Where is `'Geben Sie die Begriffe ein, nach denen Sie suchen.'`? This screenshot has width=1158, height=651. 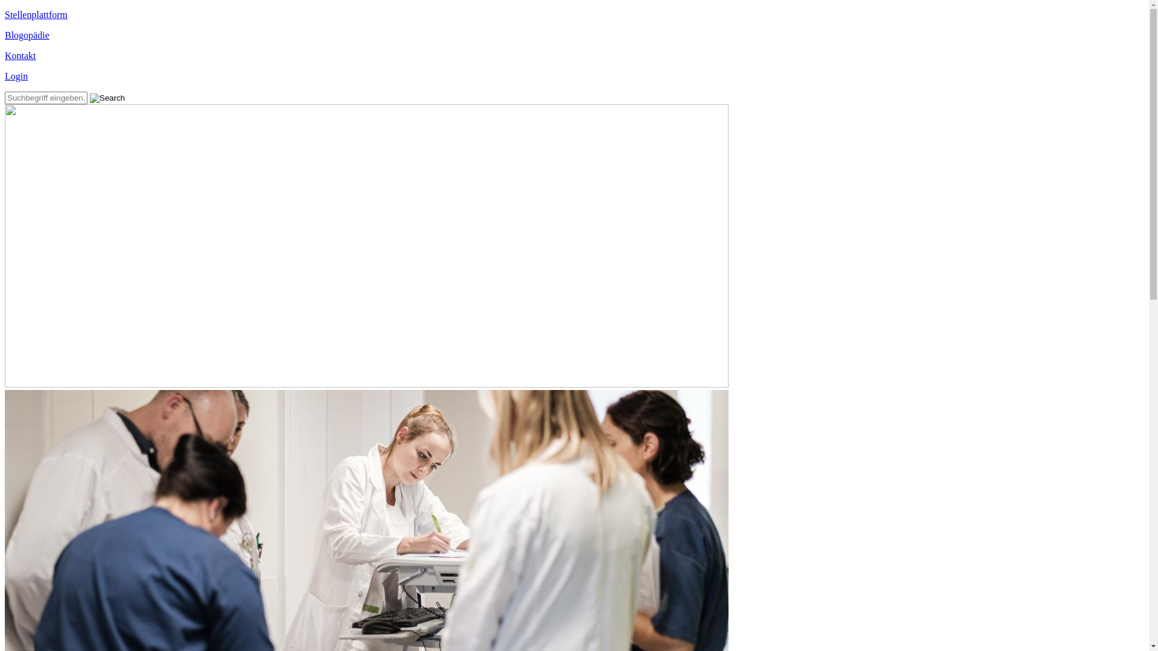 'Geben Sie die Begriffe ein, nach denen Sie suchen.' is located at coordinates (46, 97).